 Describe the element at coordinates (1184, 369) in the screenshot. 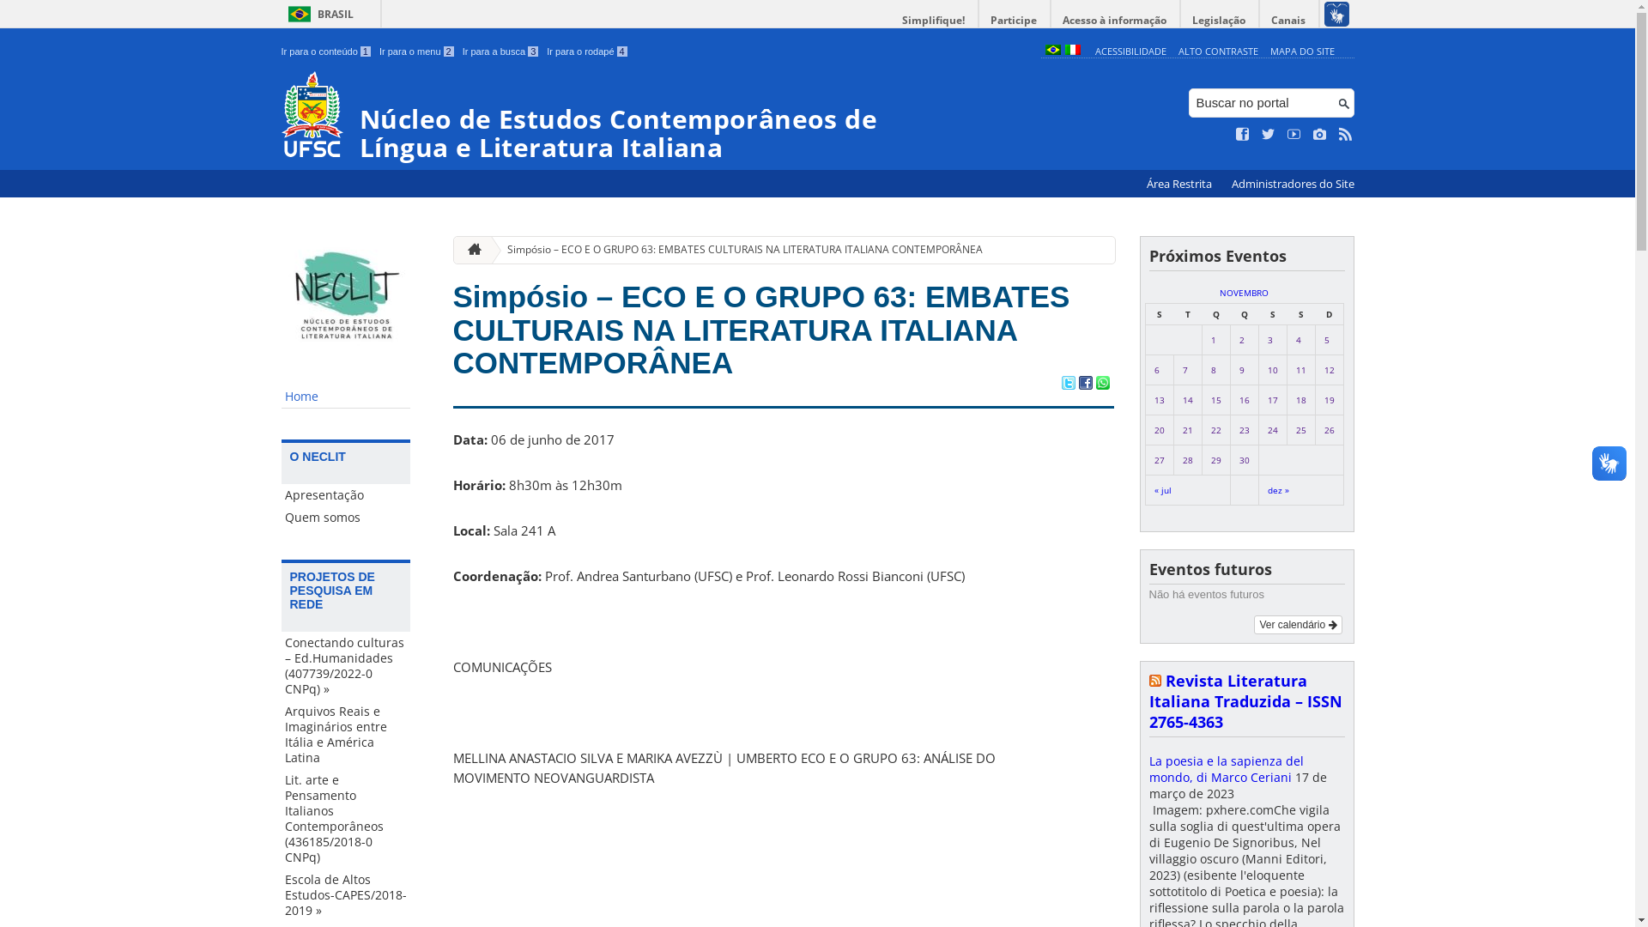

I see `'7'` at that location.